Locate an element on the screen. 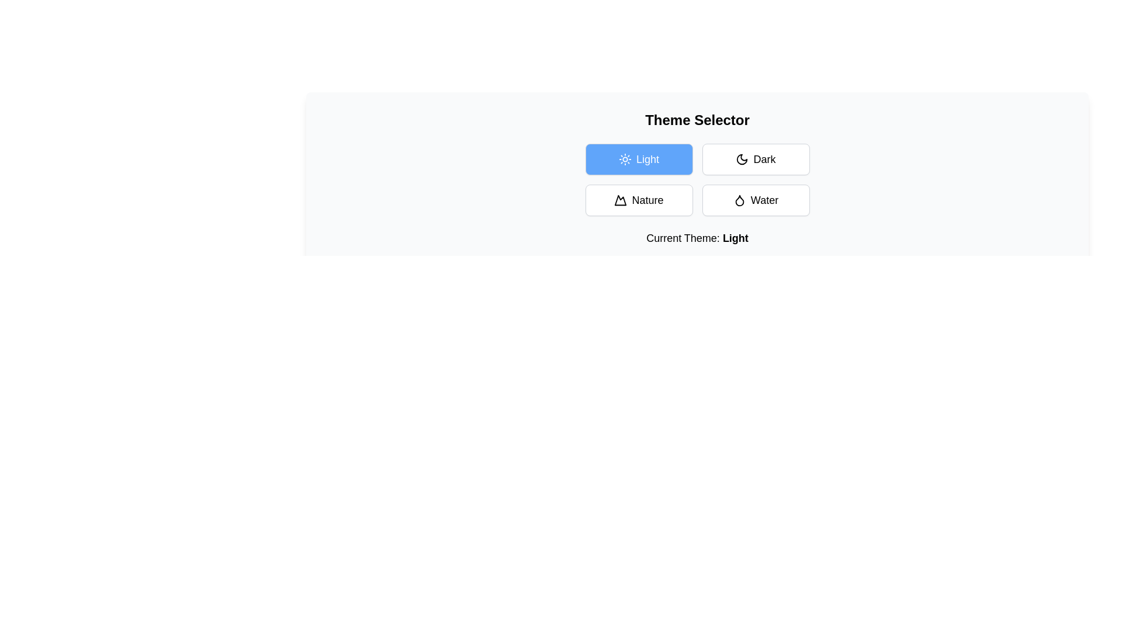 The height and width of the screenshot is (631, 1122). the 'Water' button, which is a rectangular button with rounded corners, a white background, and a water droplet icon on the left is located at coordinates (756, 200).